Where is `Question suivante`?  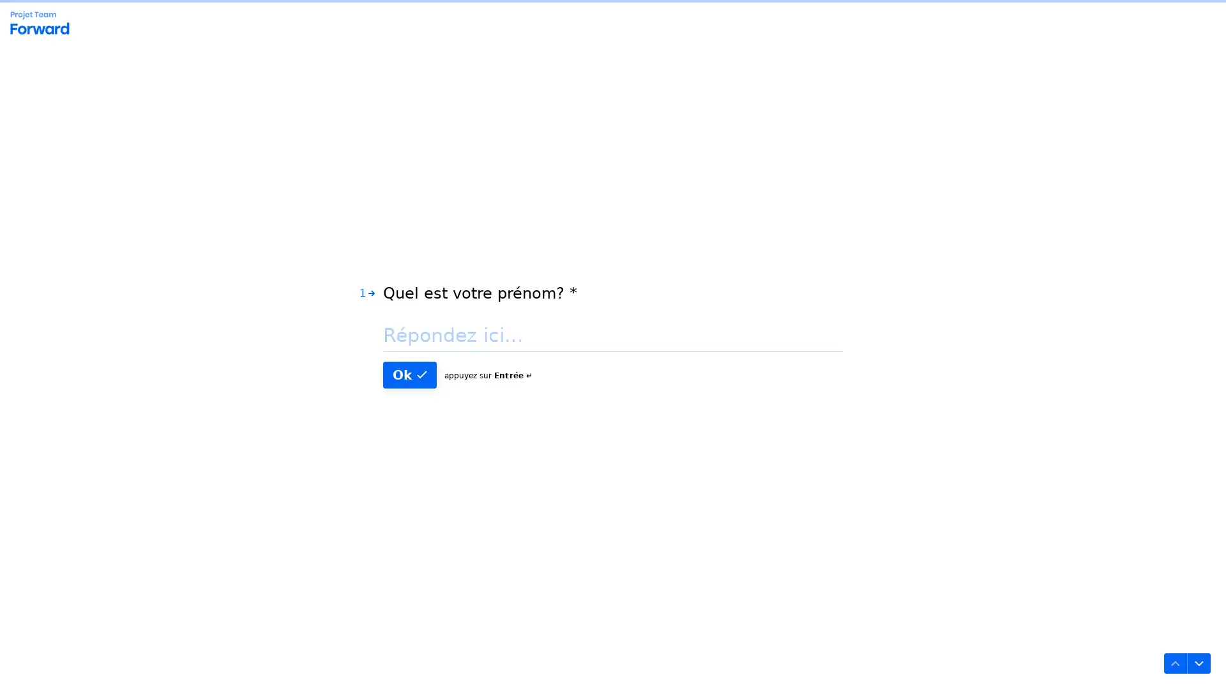 Question suivante is located at coordinates (1198, 663).